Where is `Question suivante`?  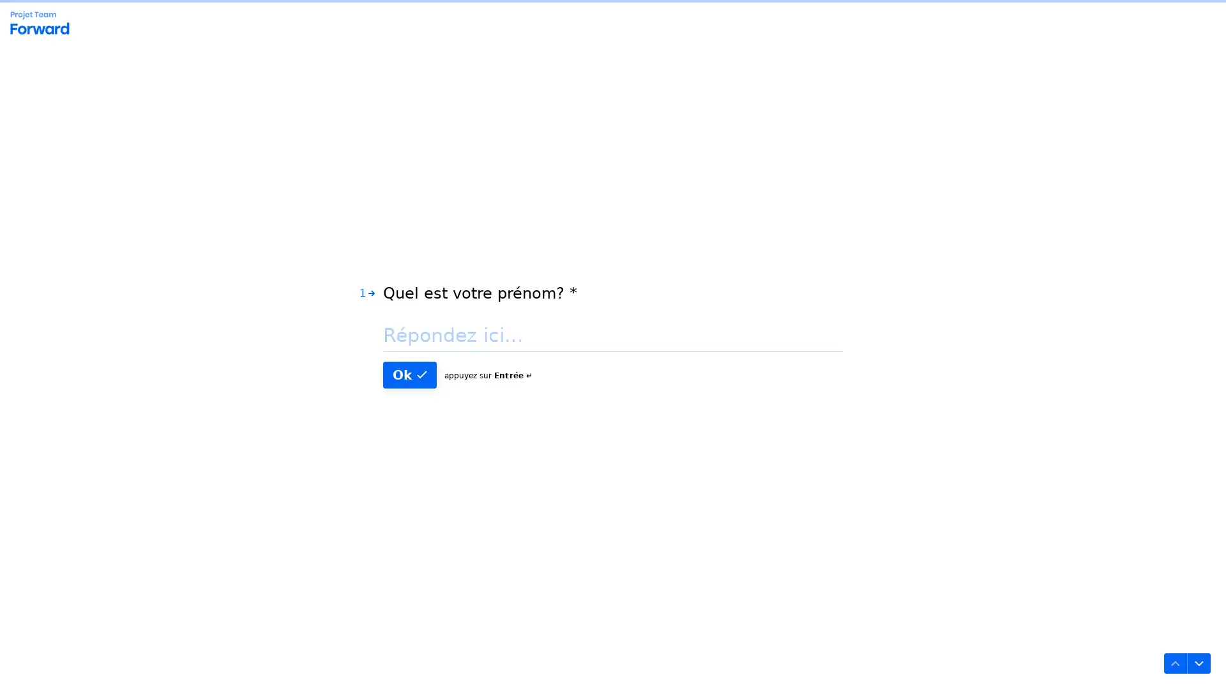 Question suivante is located at coordinates (1198, 663).